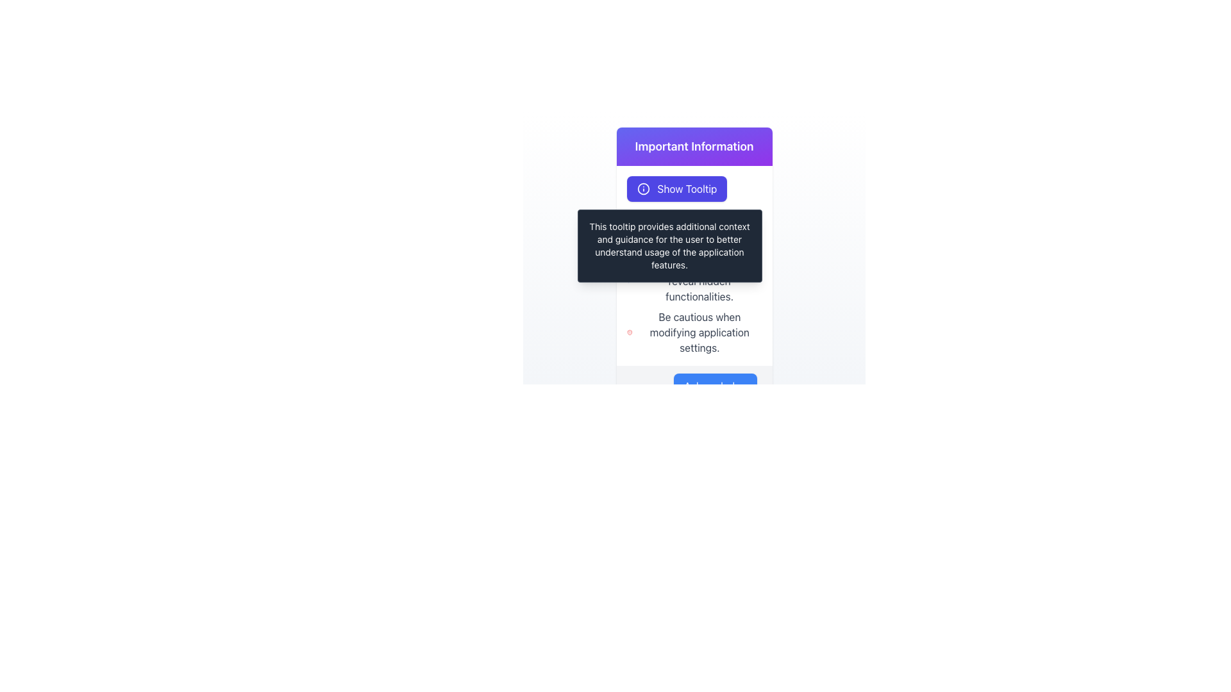 This screenshot has width=1231, height=692. Describe the element at coordinates (630, 237) in the screenshot. I see `the green checkmark icon that symbolizes completion and is positioned to the left of the text 'Ensure to follow guidelines for best practices.'` at that location.